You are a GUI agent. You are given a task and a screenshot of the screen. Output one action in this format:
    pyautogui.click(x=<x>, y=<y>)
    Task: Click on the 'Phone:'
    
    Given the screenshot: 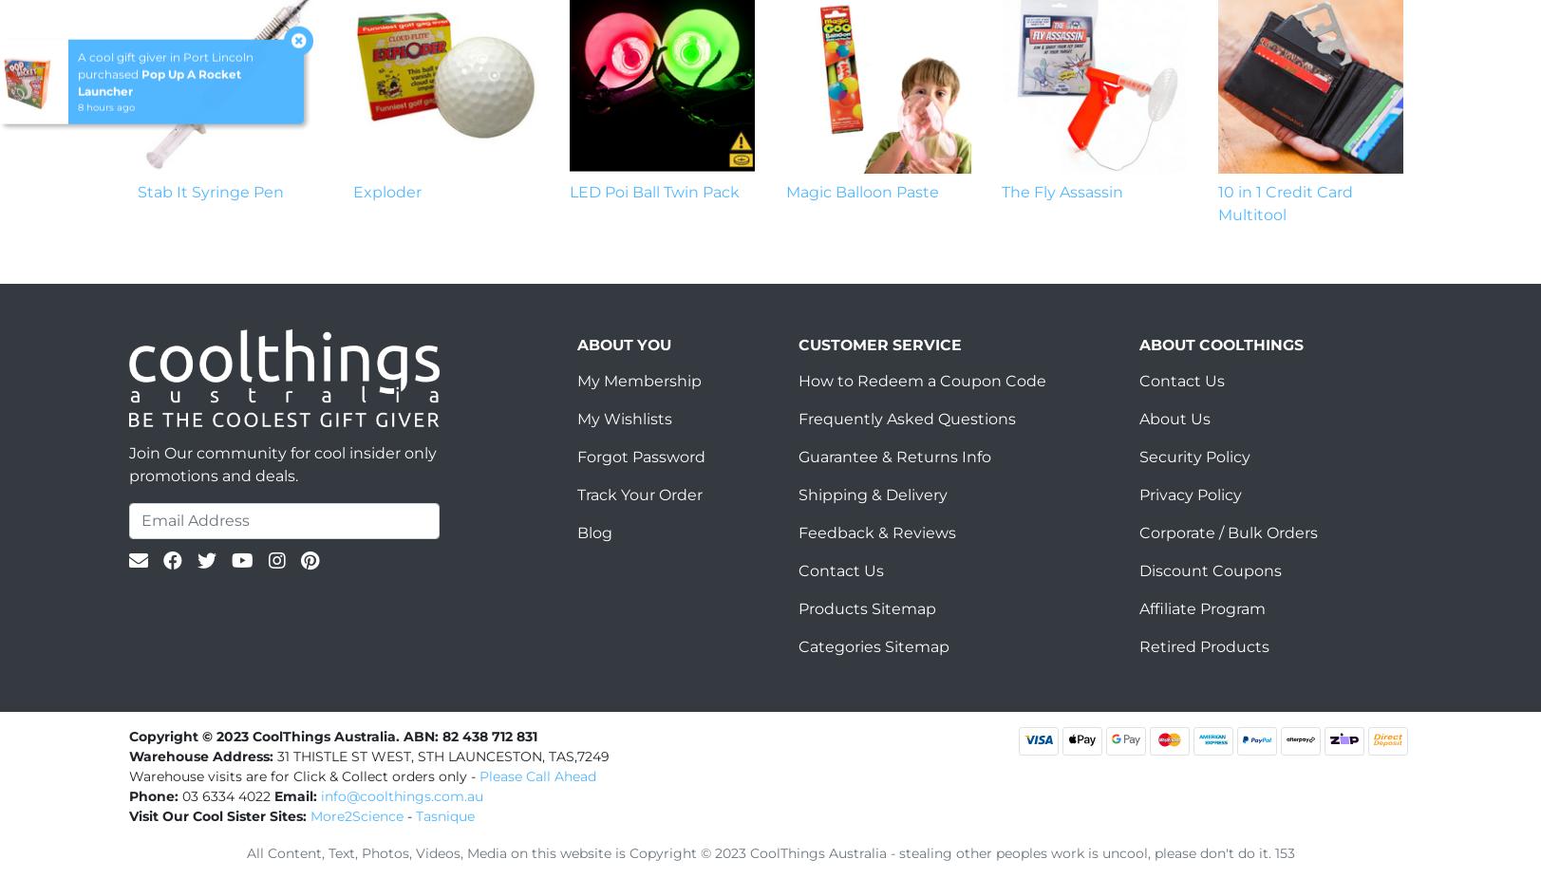 What is the action you would take?
    pyautogui.click(x=129, y=795)
    